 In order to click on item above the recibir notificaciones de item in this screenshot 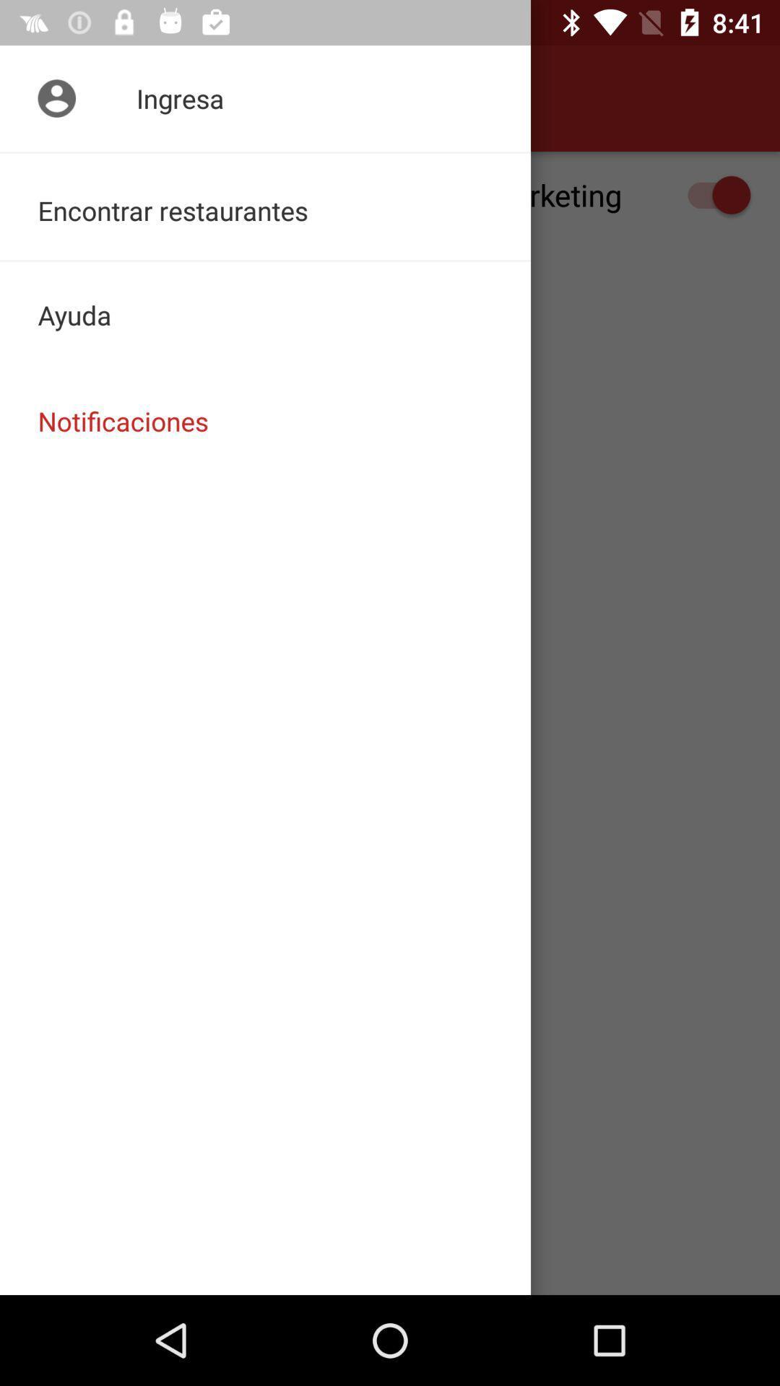, I will do `click(265, 97)`.